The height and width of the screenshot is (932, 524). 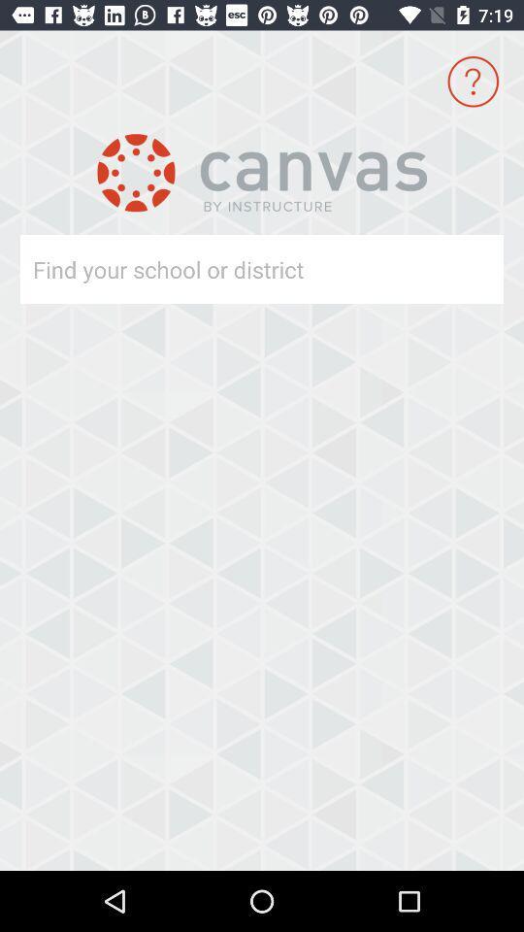 I want to click on search bar, so click(x=226, y=268).